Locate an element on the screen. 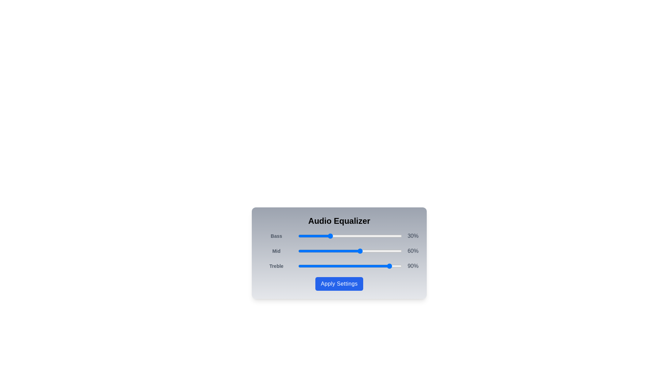  the 'Treble' slider to 96% is located at coordinates (398, 266).